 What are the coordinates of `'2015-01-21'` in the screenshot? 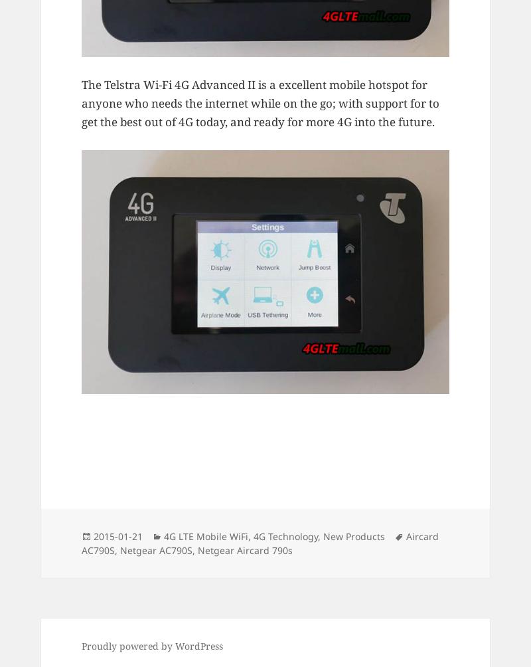 It's located at (117, 535).